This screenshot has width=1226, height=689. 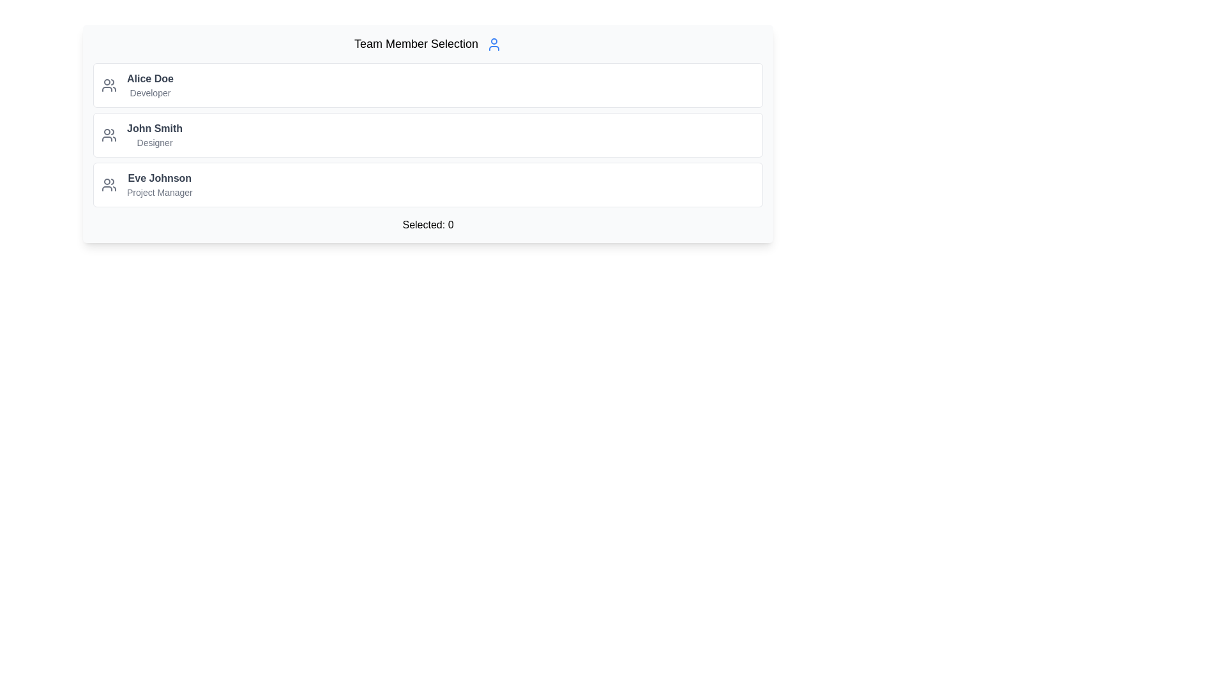 What do you see at coordinates (150, 93) in the screenshot?
I see `the text label displaying 'Developer', which is positioned directly beneath 'Alice Doe' in a vertical list of team members` at bounding box center [150, 93].